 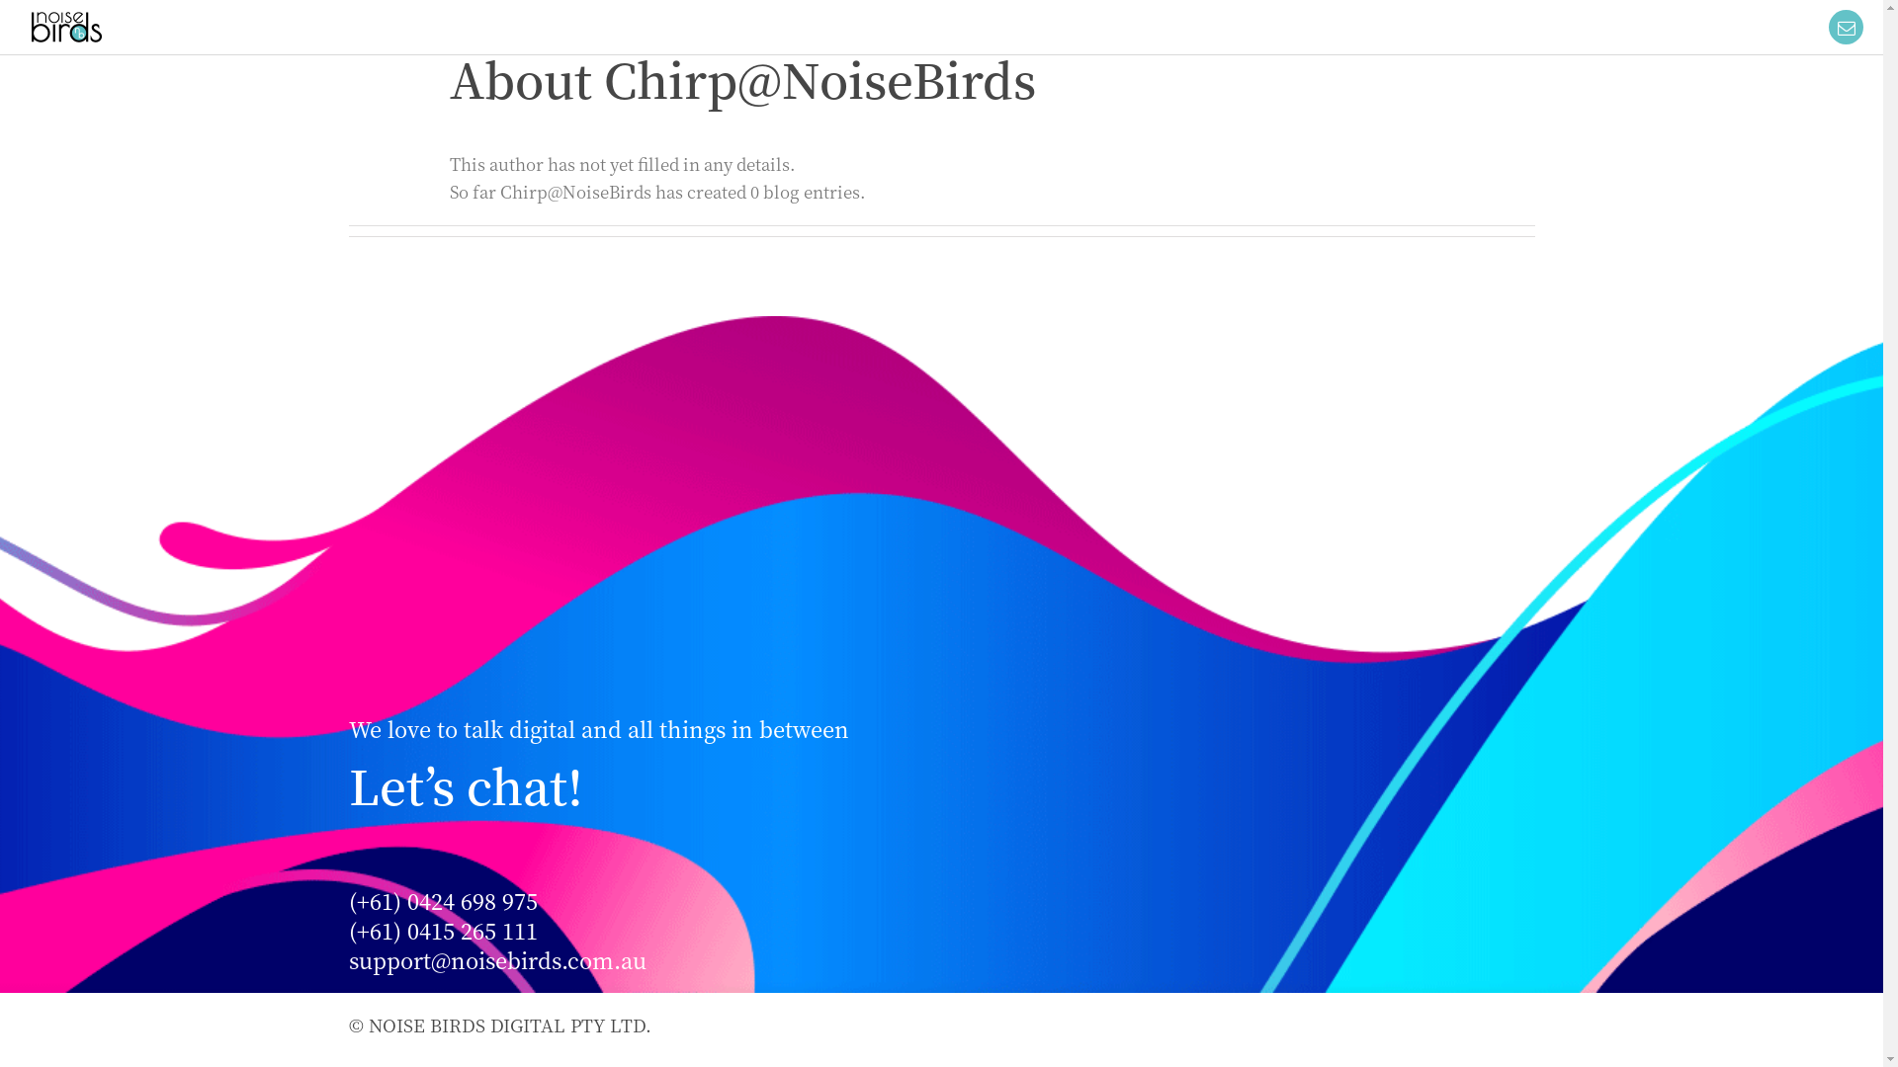 What do you see at coordinates (1845, 27) in the screenshot?
I see `'Toggle Sliding Bar Area'` at bounding box center [1845, 27].